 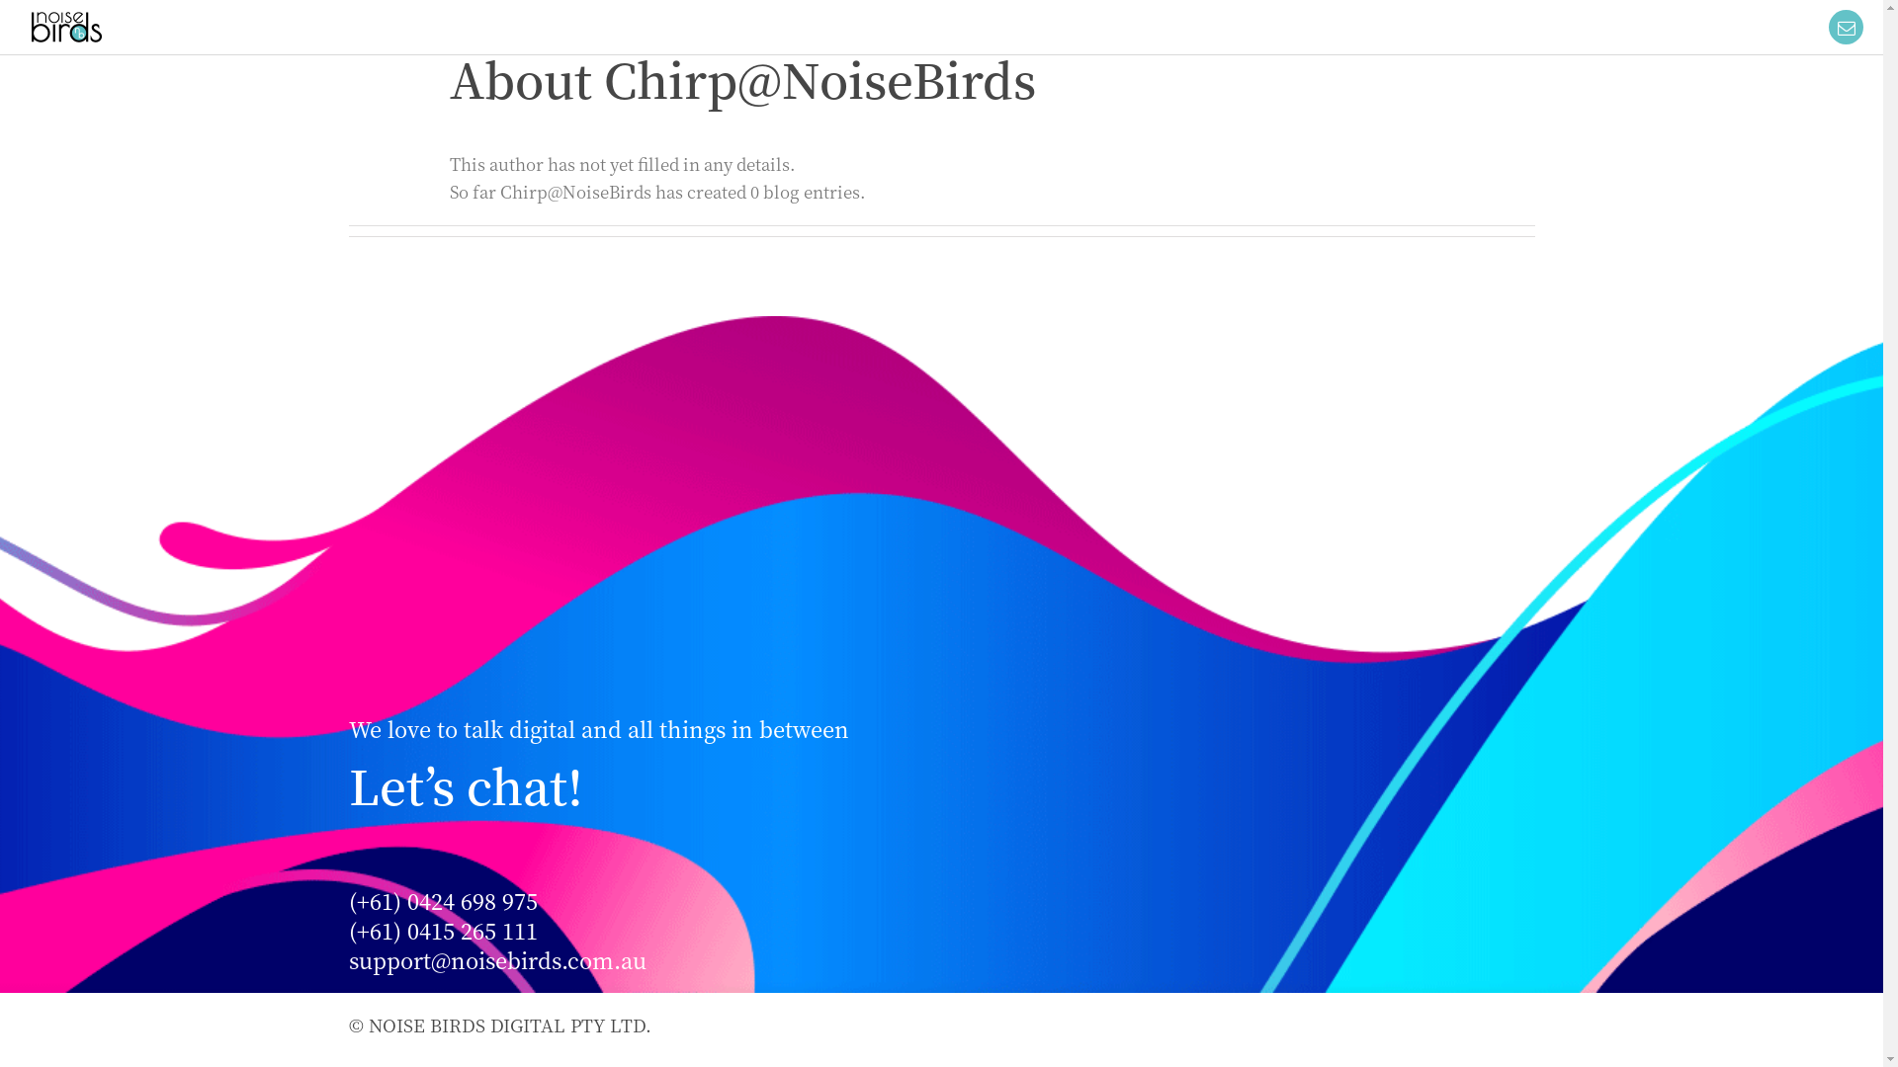 What do you see at coordinates (1845, 27) in the screenshot?
I see `'Toggle Sliding Bar Area'` at bounding box center [1845, 27].